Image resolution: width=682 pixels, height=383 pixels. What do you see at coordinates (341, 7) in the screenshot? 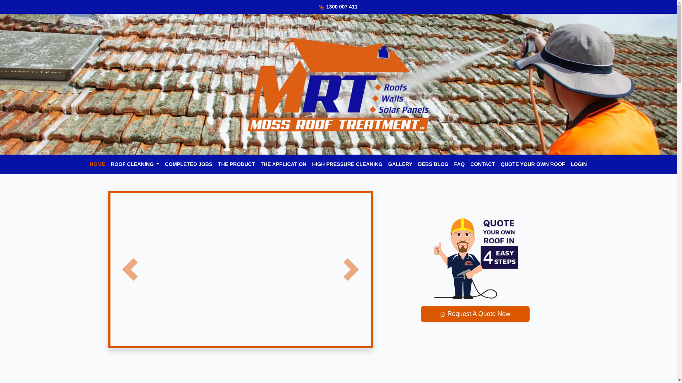
I see `'1300 007 411'` at bounding box center [341, 7].